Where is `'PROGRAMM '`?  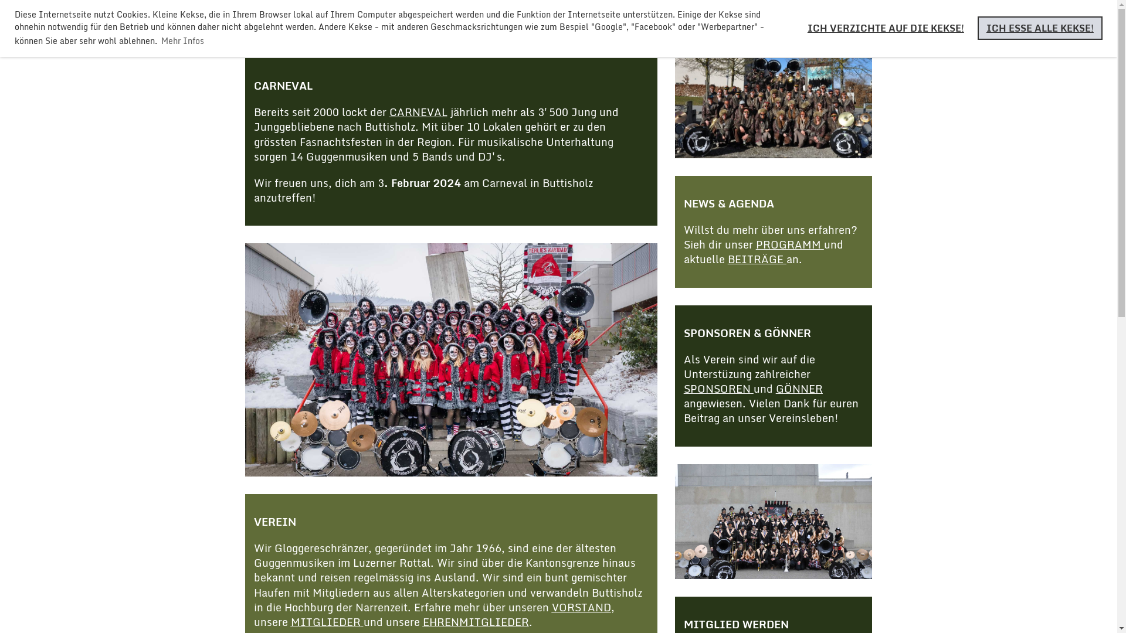
'PROGRAMM ' is located at coordinates (790, 243).